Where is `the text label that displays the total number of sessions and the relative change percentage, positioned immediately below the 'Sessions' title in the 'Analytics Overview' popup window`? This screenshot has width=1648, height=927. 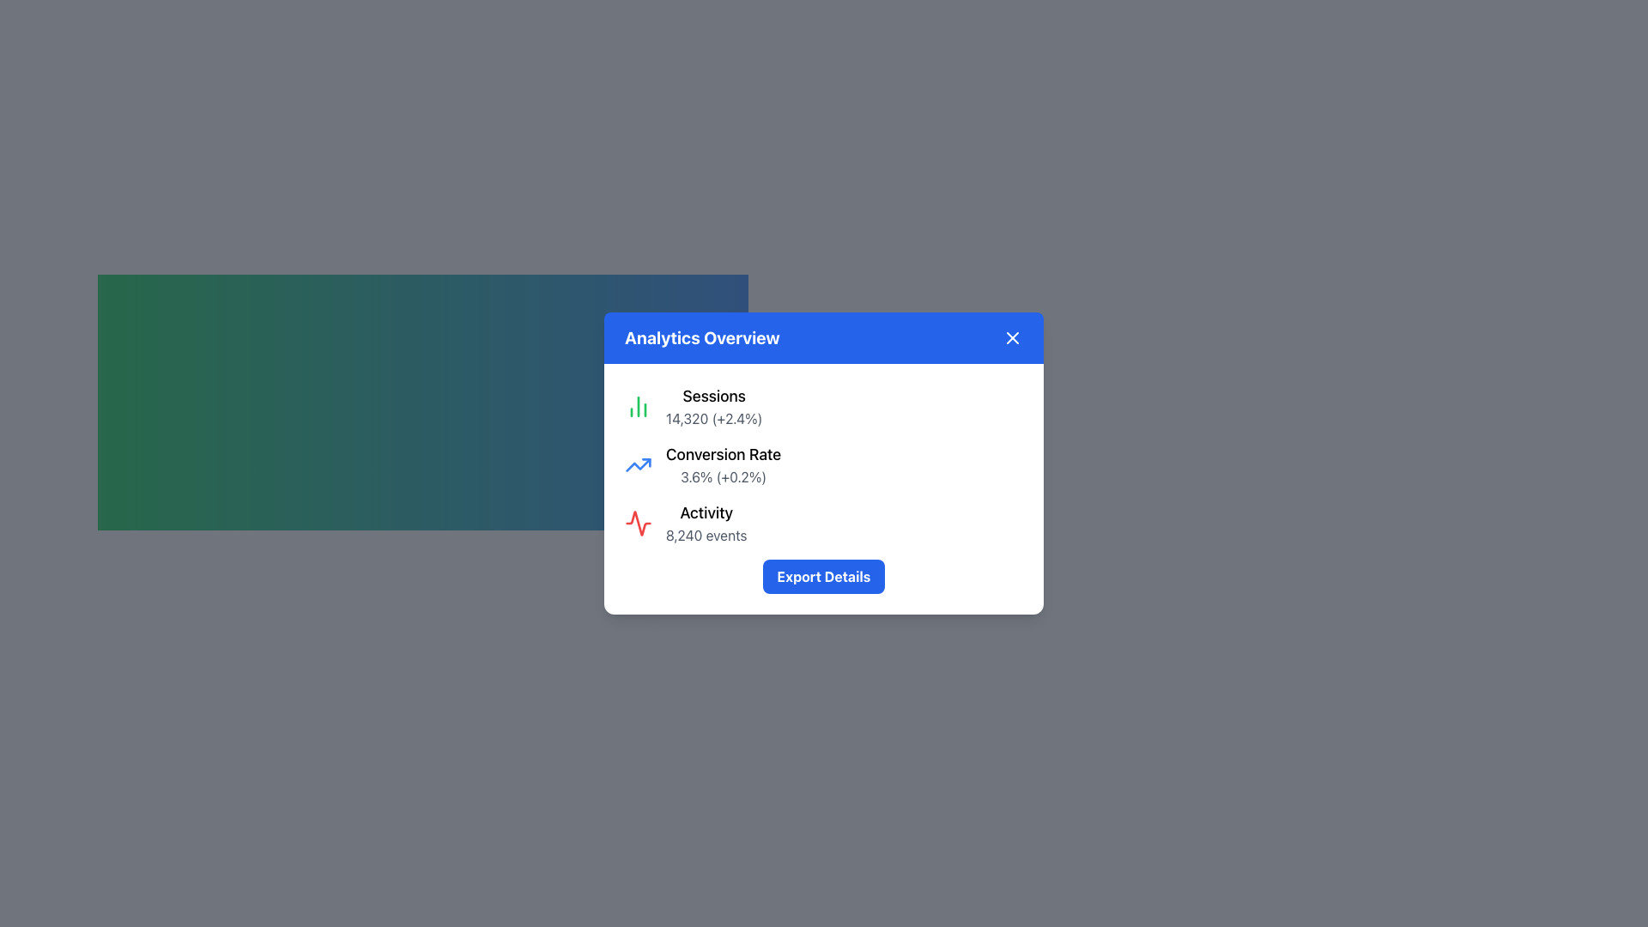
the text label that displays the total number of sessions and the relative change percentage, positioned immediately below the 'Sessions' title in the 'Analytics Overview' popup window is located at coordinates (714, 419).